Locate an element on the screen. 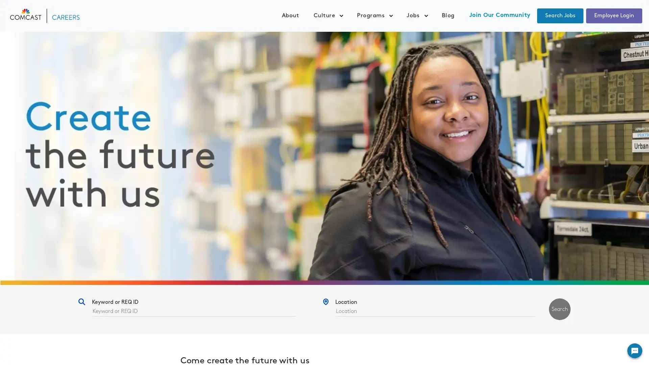  Widget Button is located at coordinates (634, 350).